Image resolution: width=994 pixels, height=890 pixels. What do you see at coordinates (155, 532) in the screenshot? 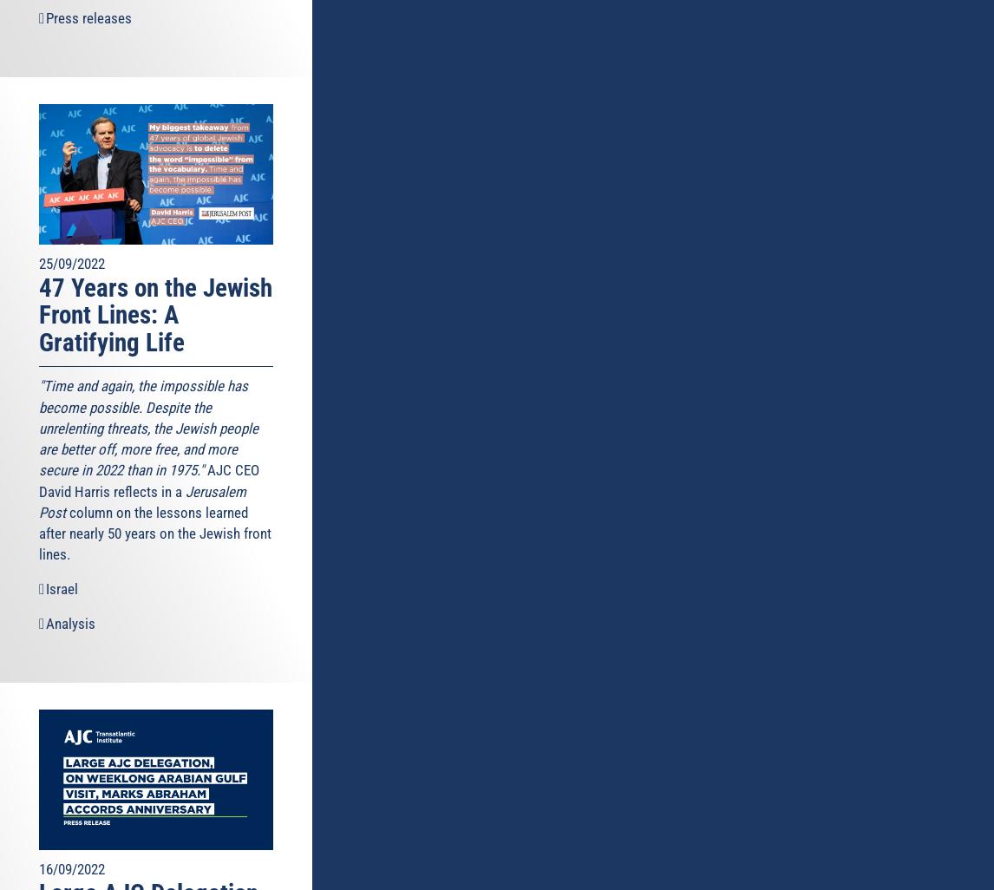
I see `'column on the lessons learned after nearly 50 years on the Jewish front lines.'` at bounding box center [155, 532].